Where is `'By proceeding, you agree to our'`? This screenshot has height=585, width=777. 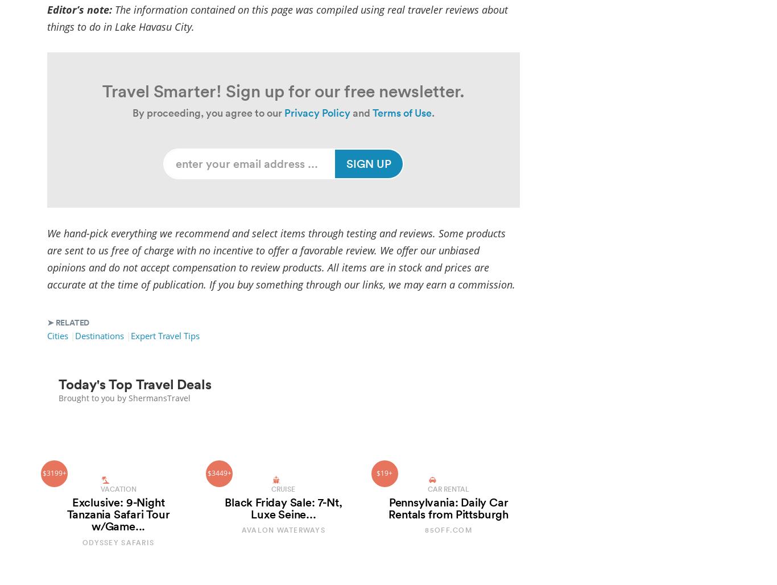
'By proceeding, you agree to our' is located at coordinates (207, 112).